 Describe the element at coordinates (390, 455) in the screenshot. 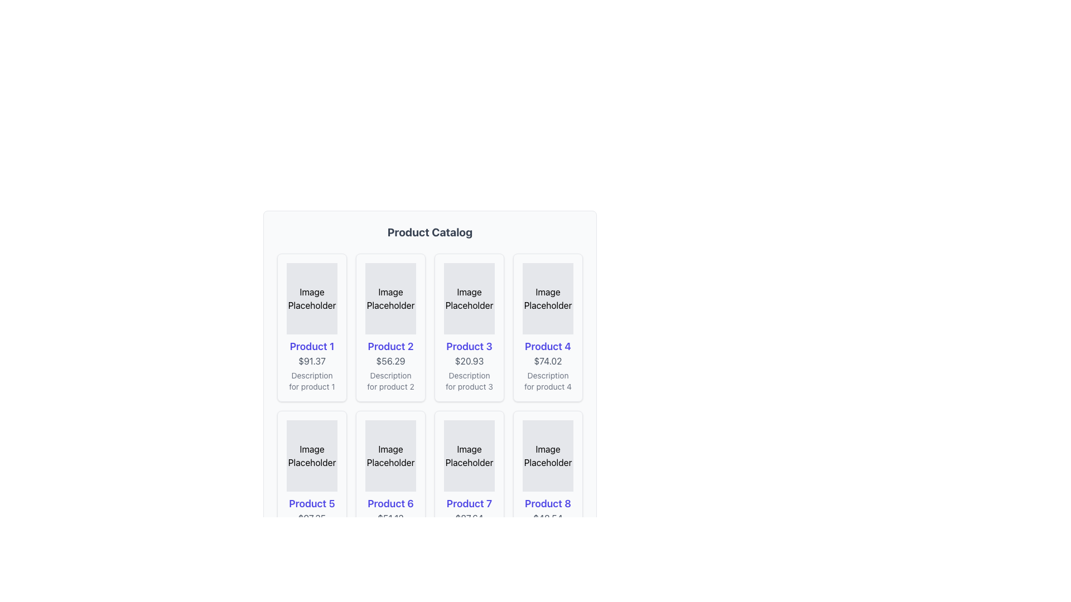

I see `the static placeholder labeled 'Image Placeholder' located within the card for 'Product 6'` at that location.